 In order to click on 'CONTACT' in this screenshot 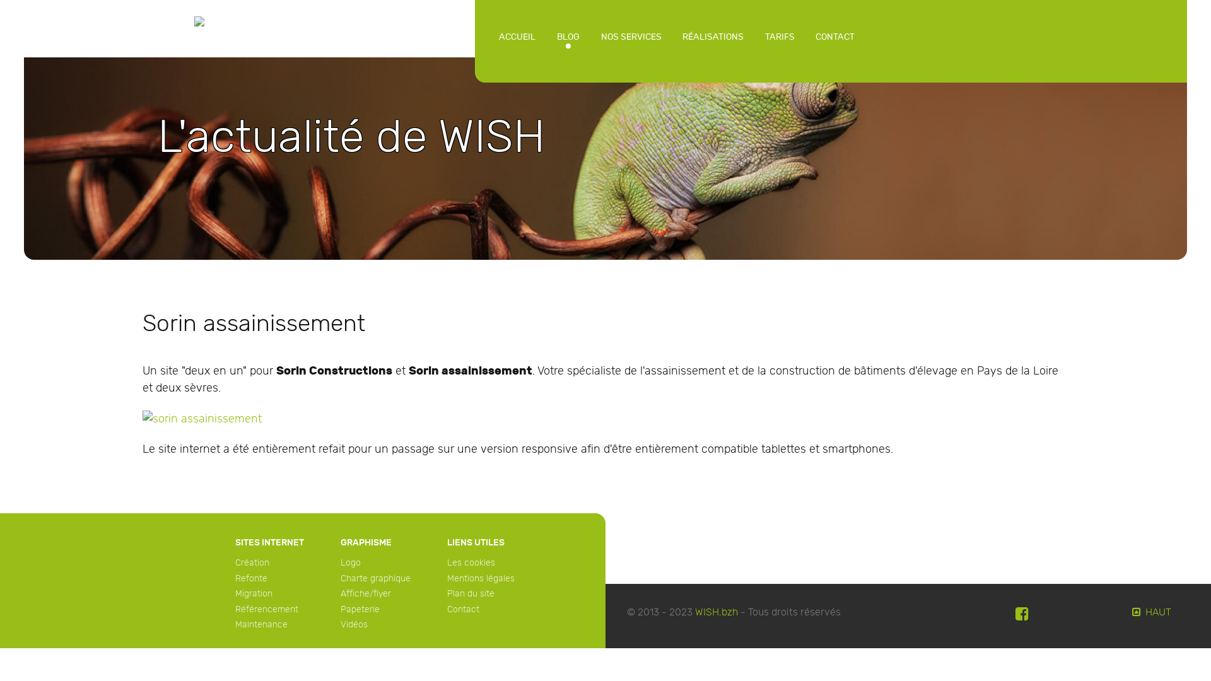, I will do `click(835, 36)`.